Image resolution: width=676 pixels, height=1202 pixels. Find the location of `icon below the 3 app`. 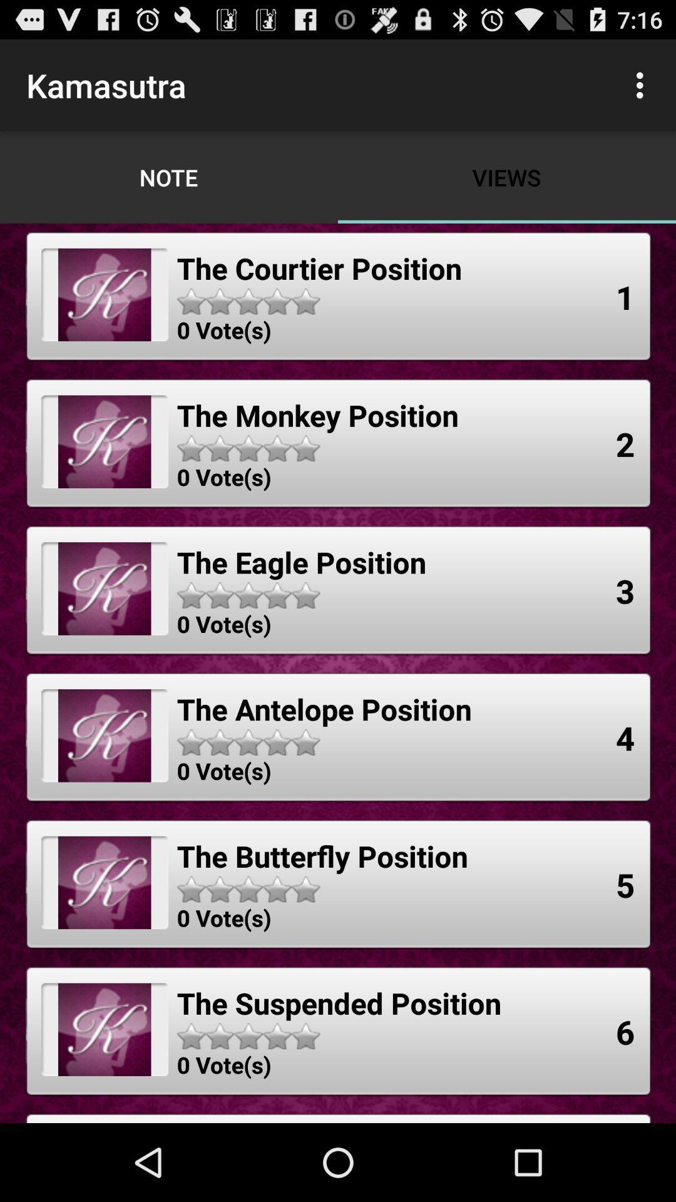

icon below the 3 app is located at coordinates (625, 737).